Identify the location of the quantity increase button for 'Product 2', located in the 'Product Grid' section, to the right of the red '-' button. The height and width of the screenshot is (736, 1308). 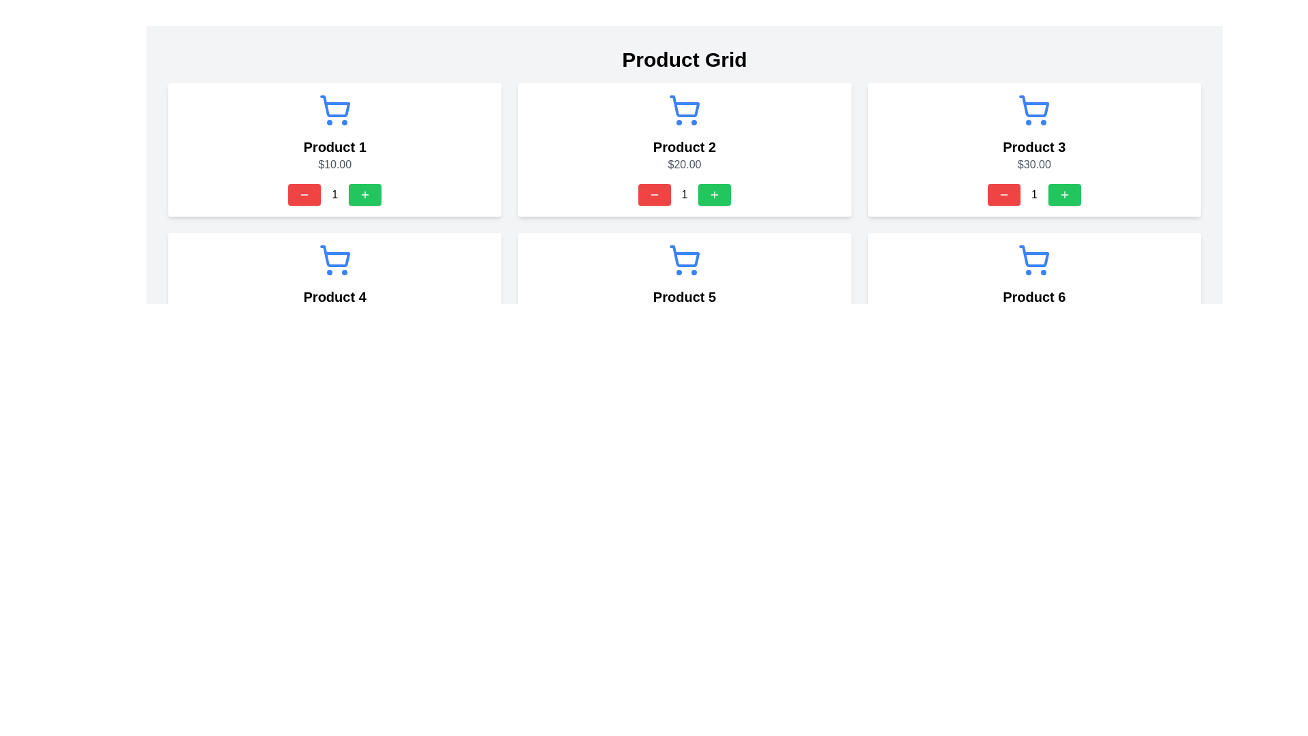
(714, 194).